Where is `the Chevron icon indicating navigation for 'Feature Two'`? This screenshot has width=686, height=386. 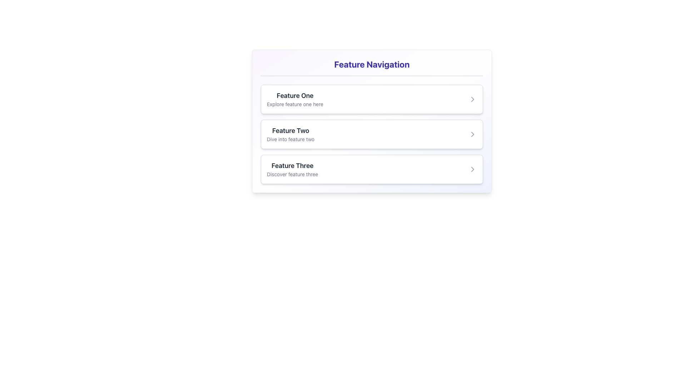 the Chevron icon indicating navigation for 'Feature Two' is located at coordinates (473, 134).